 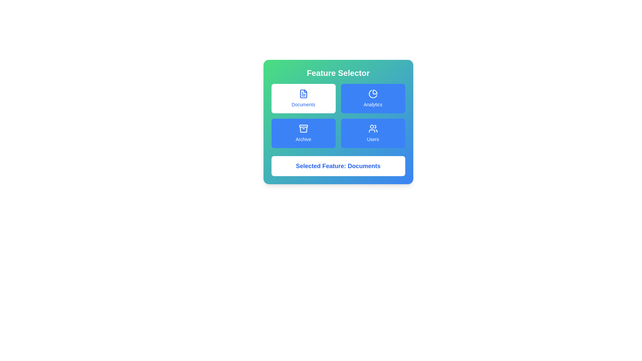 What do you see at coordinates (303, 129) in the screenshot?
I see `the storage-related icon located` at bounding box center [303, 129].